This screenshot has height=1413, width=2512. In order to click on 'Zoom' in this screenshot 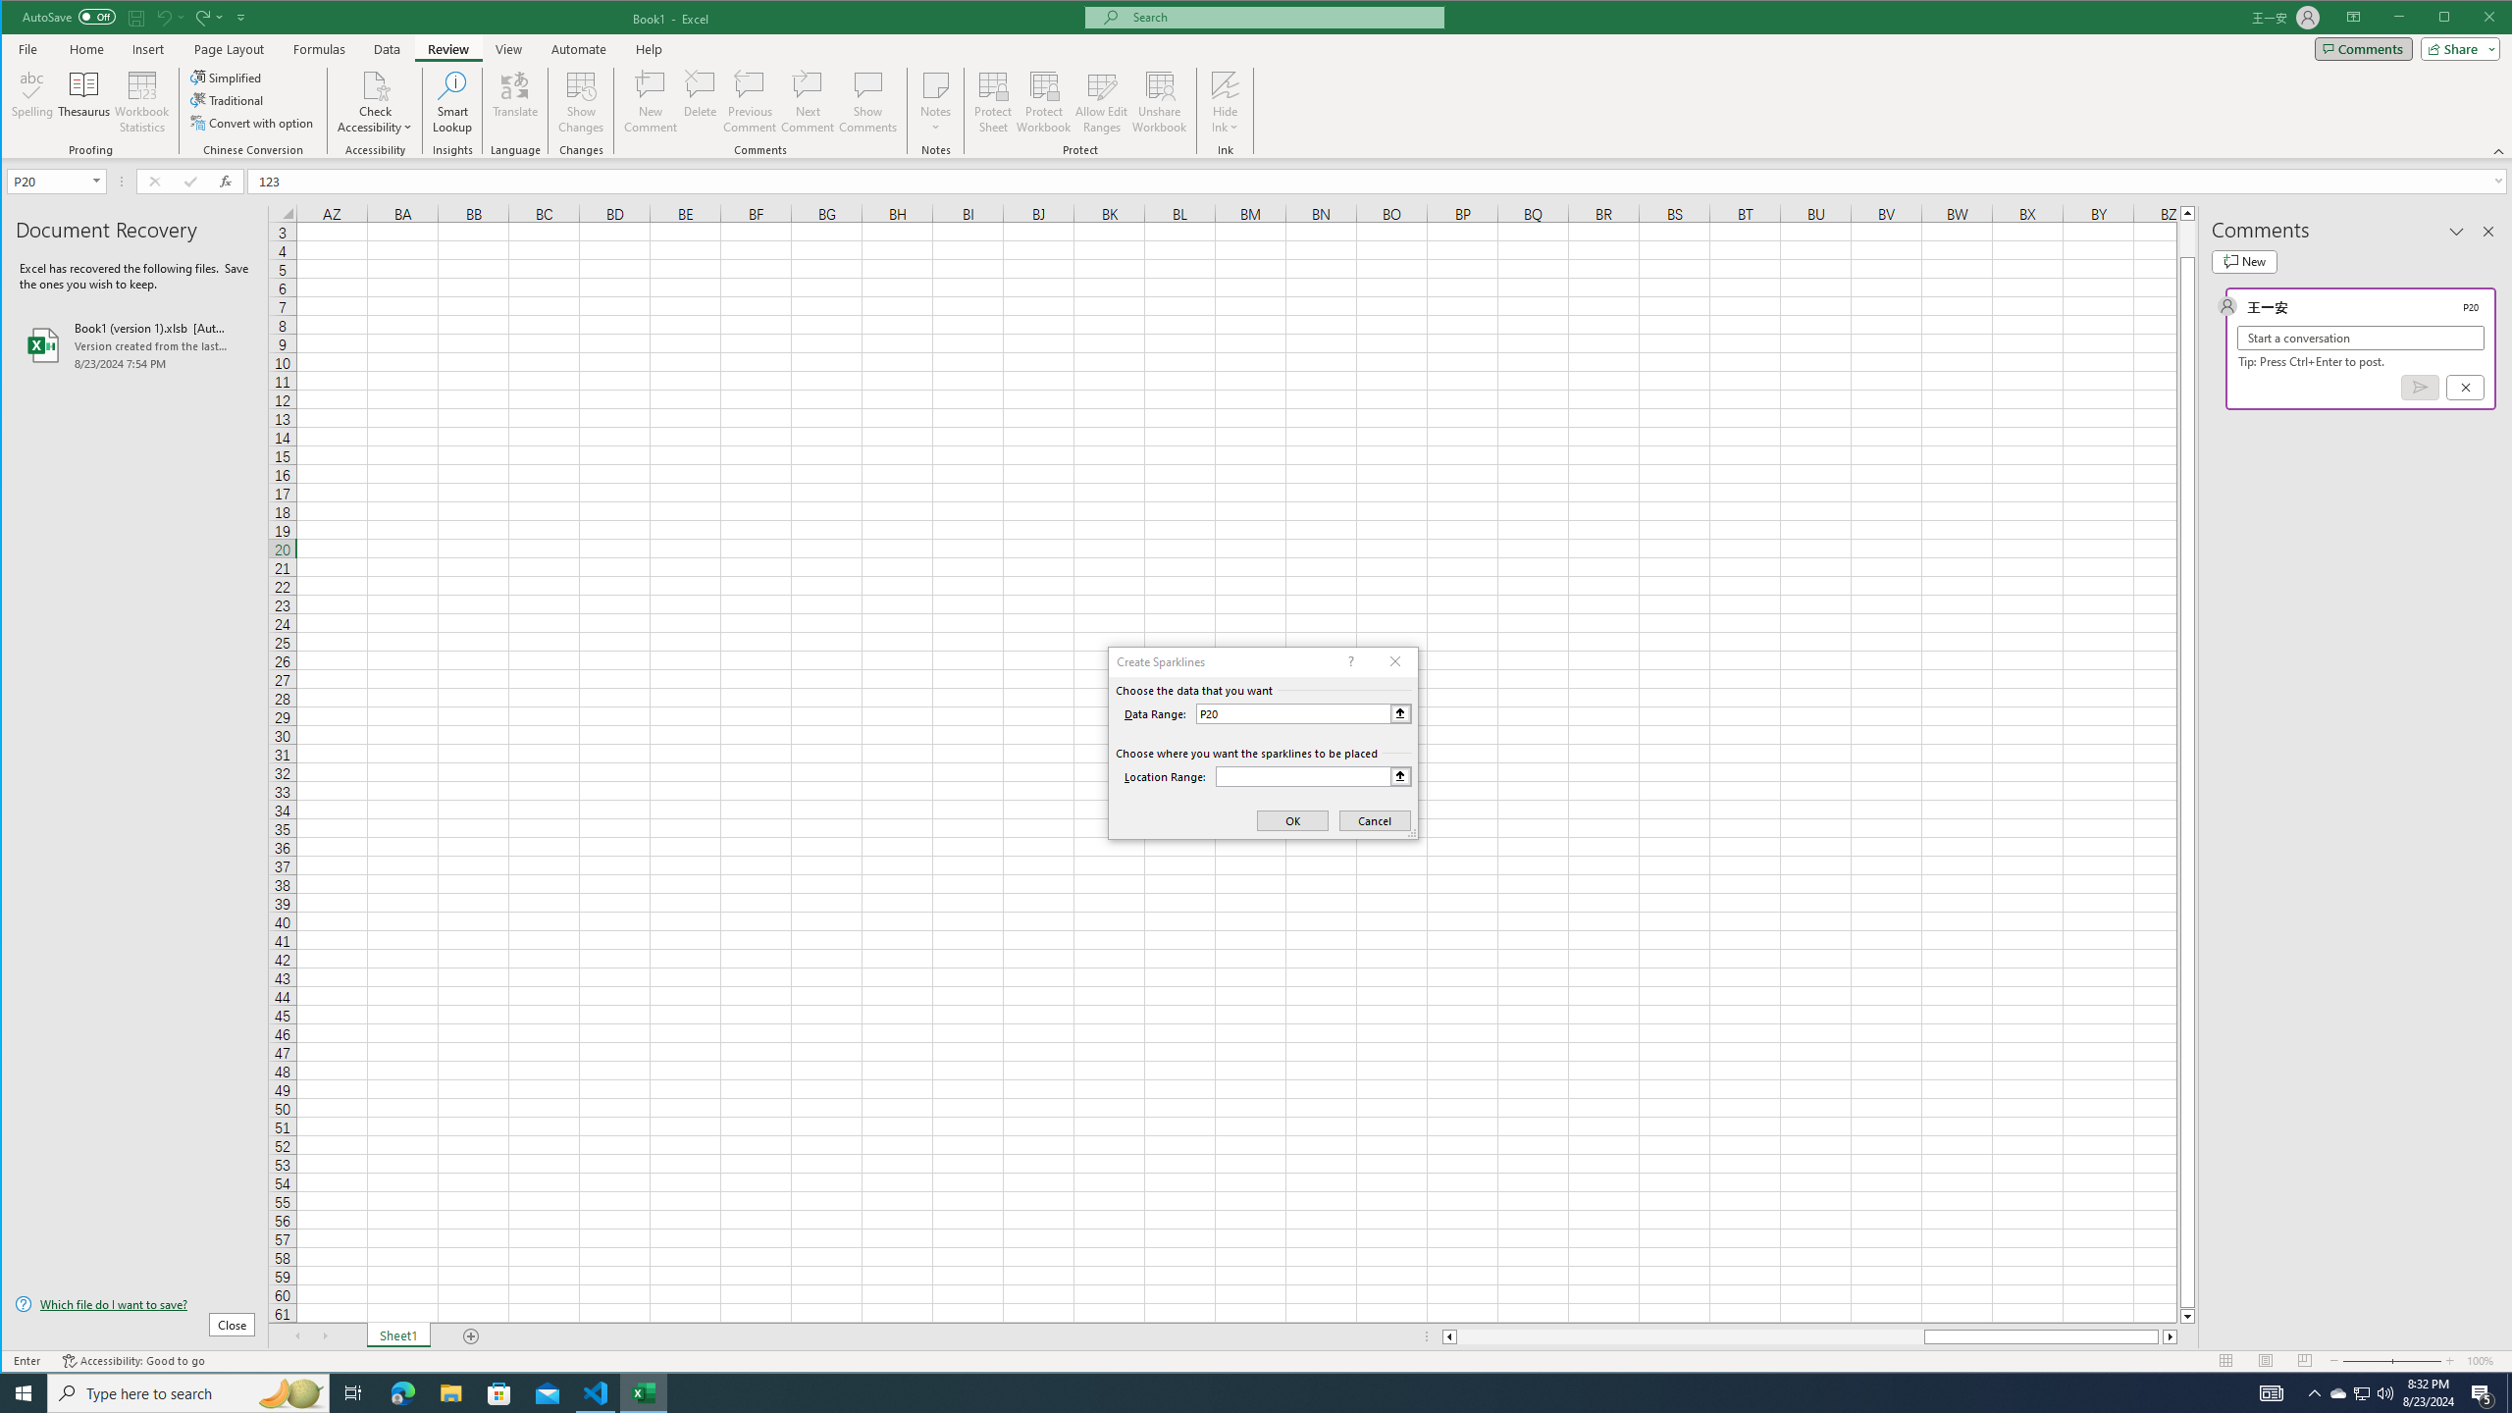, I will do `click(2391, 1360)`.